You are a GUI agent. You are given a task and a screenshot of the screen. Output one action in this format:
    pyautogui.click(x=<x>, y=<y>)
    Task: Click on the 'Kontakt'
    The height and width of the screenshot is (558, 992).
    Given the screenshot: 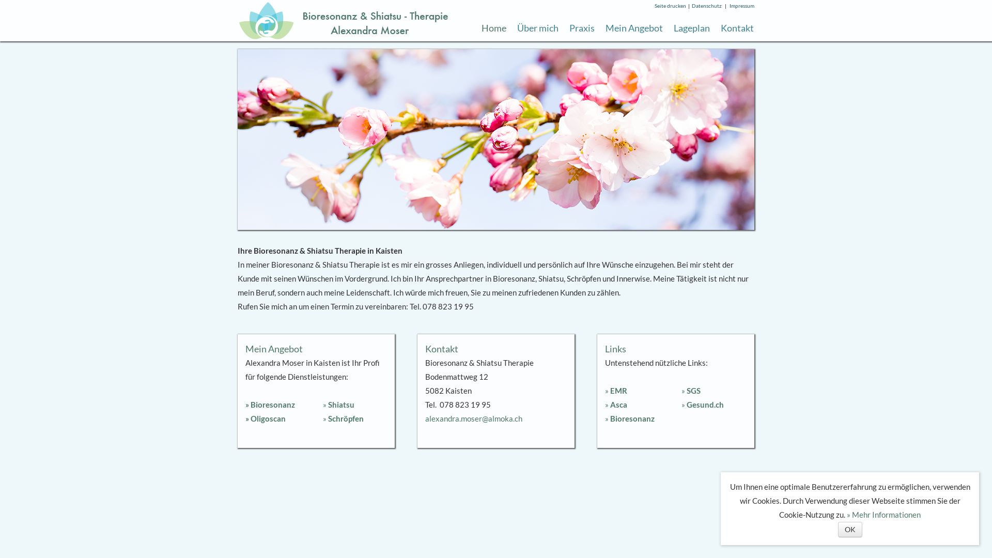 What is the action you would take?
    pyautogui.click(x=736, y=27)
    